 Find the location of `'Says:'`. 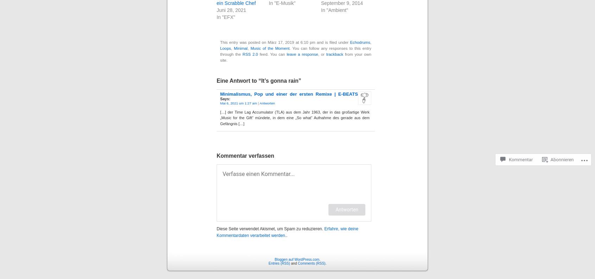

'Says:' is located at coordinates (225, 98).